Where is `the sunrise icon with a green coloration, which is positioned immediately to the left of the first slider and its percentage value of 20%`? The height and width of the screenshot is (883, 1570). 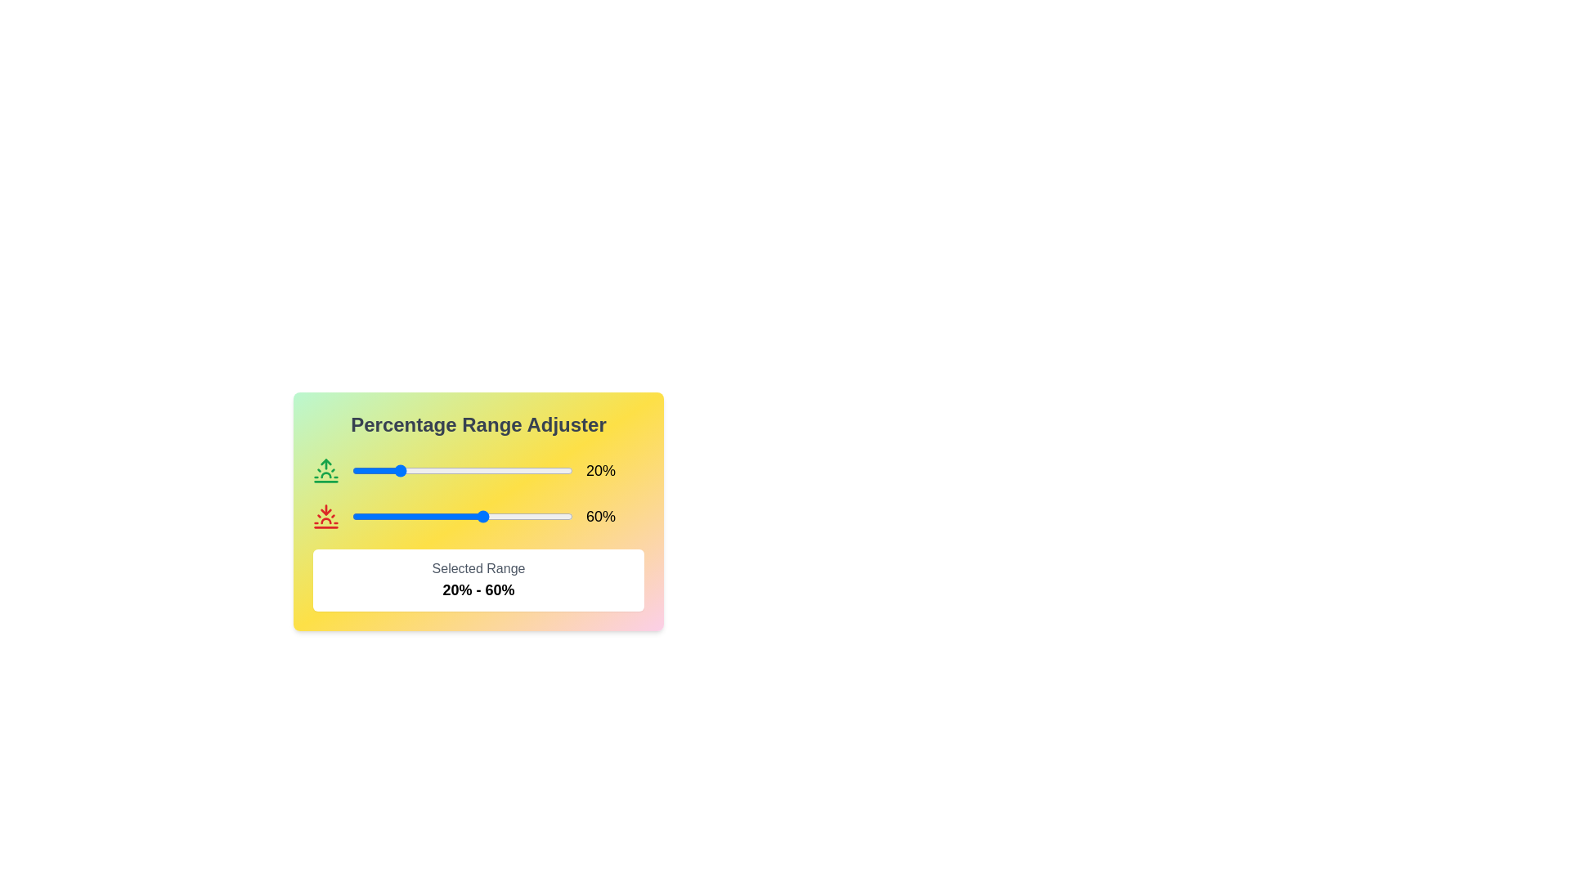
the sunrise icon with a green coloration, which is positioned immediately to the left of the first slider and its percentage value of 20% is located at coordinates (325, 470).